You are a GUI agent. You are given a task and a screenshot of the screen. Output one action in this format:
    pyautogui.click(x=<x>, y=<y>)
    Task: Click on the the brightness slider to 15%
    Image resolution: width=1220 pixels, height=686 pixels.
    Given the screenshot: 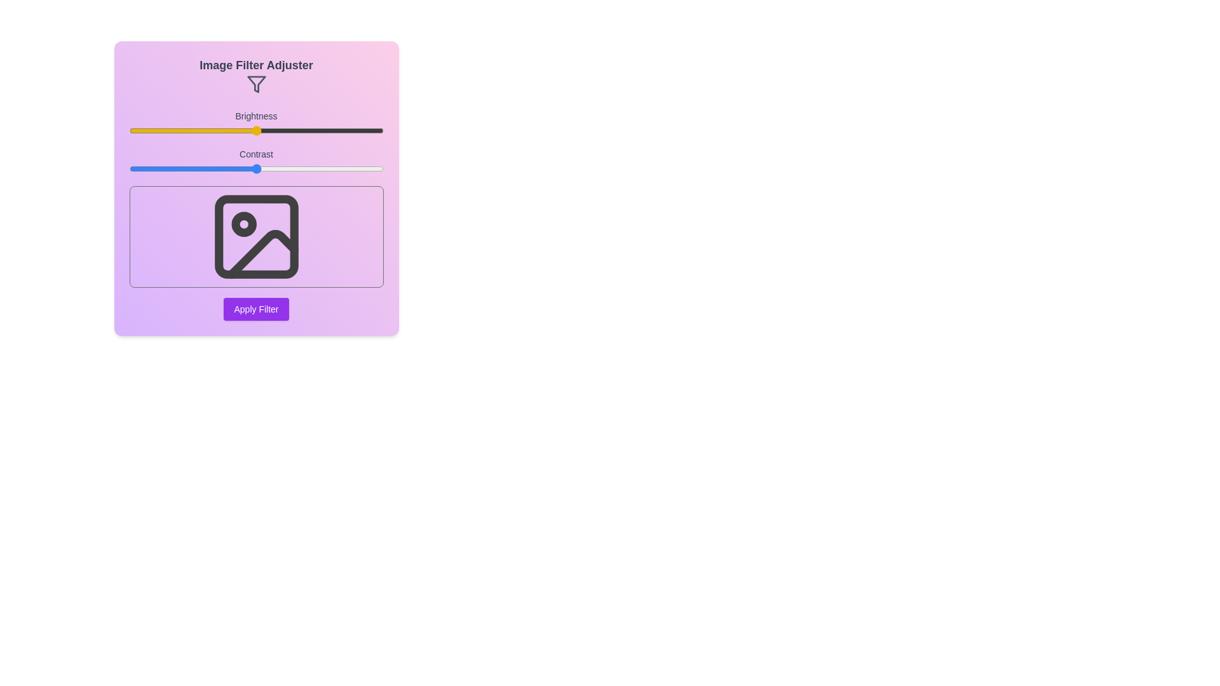 What is the action you would take?
    pyautogui.click(x=166, y=130)
    